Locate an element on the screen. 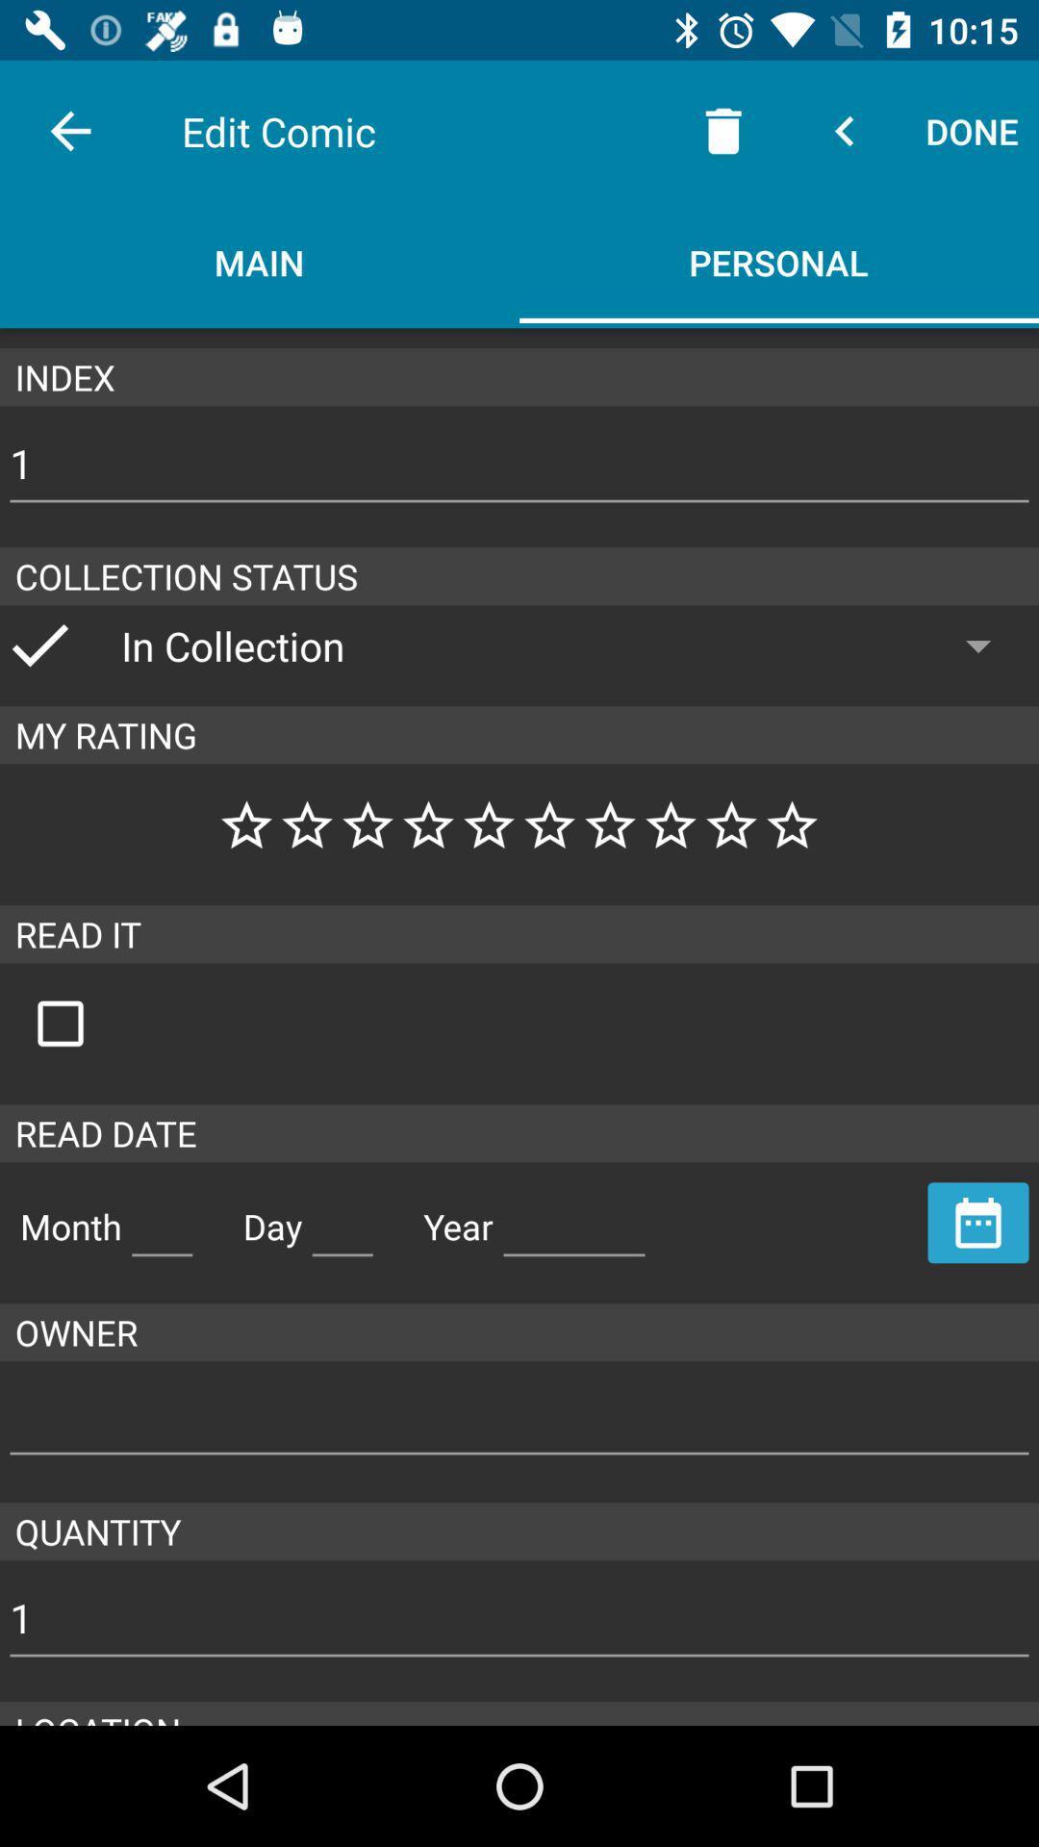 This screenshot has width=1039, height=1847. insert year is located at coordinates (573, 1218).